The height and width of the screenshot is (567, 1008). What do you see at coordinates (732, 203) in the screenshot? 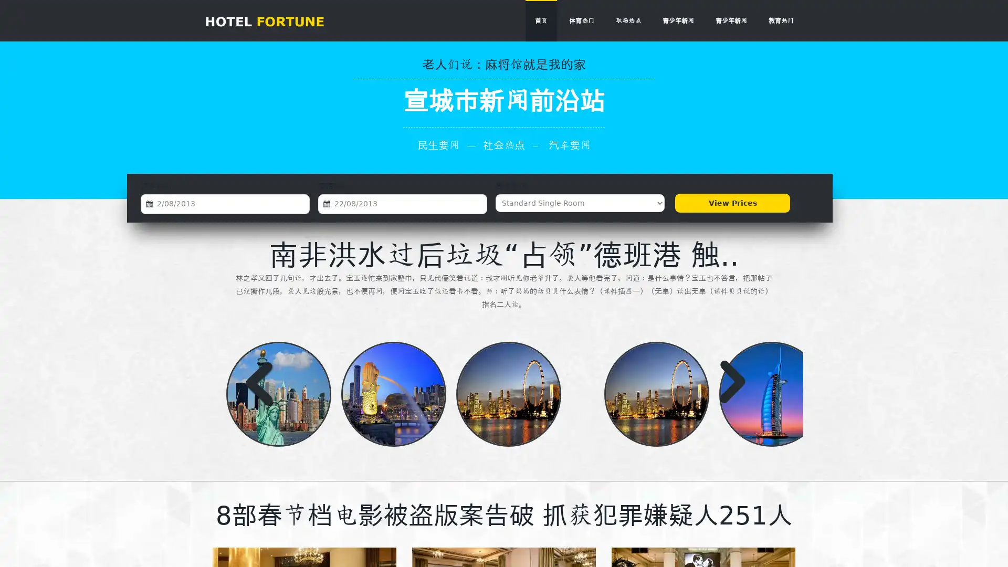
I see `View Prices` at bounding box center [732, 203].